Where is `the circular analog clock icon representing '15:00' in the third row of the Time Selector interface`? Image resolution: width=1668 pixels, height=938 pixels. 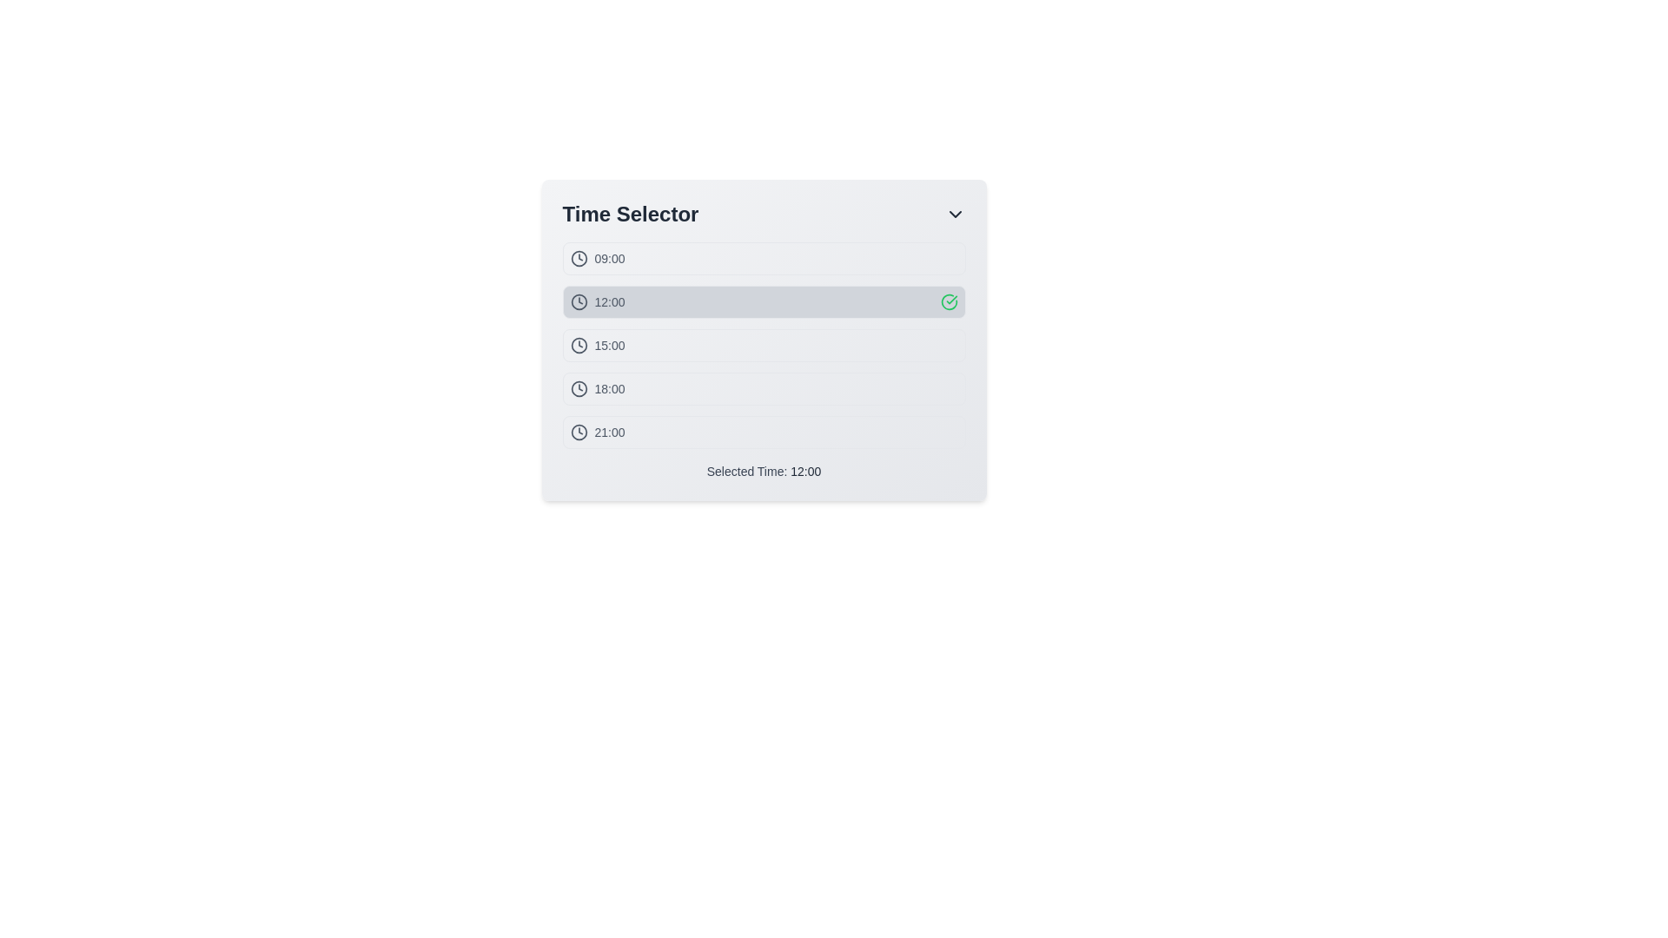
the circular analog clock icon representing '15:00' in the third row of the Time Selector interface is located at coordinates (579, 345).